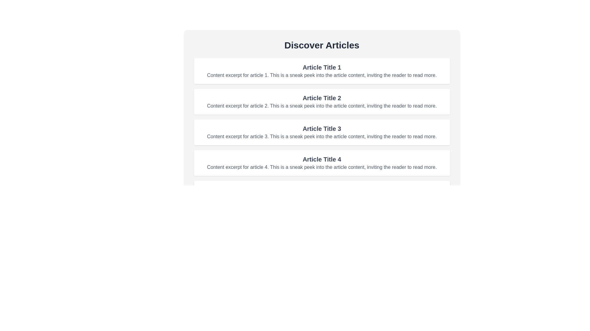  Describe the element at coordinates (321, 45) in the screenshot. I see `the 'Discover Articles' Text Header element, which features bold, large dark gray text against a light gray background, serving as the main header for articles` at that location.